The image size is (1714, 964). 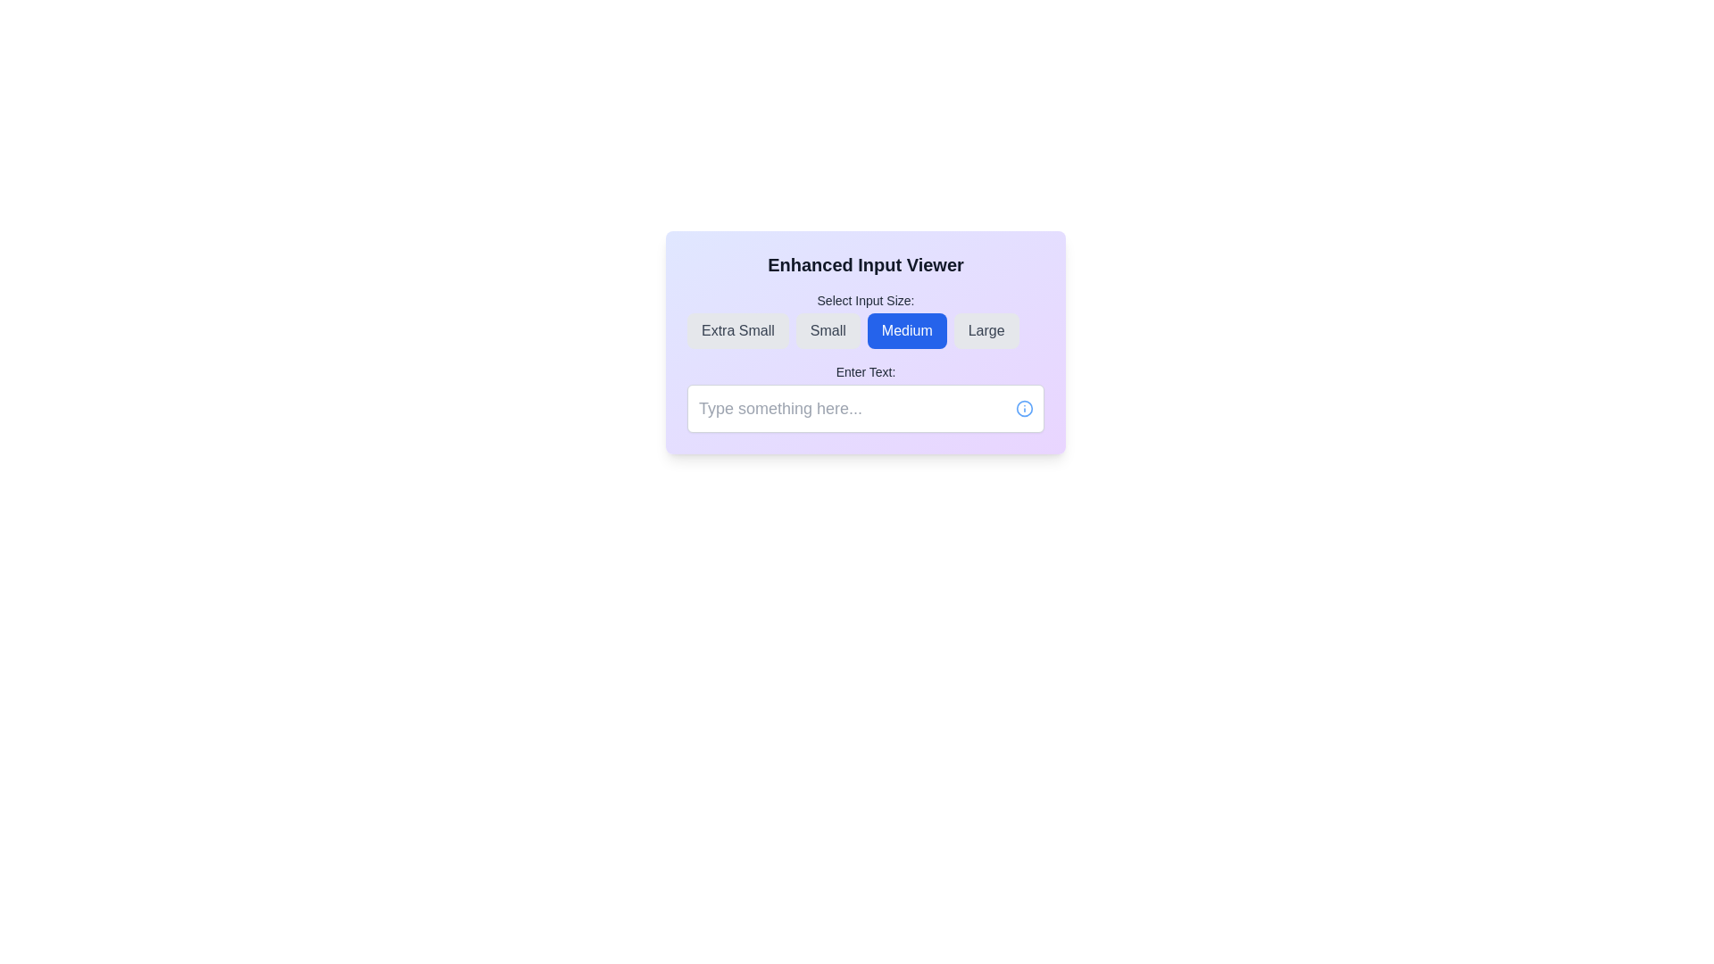 What do you see at coordinates (1024, 409) in the screenshot?
I see `the circular part of the info icon located at the far right of the text input field` at bounding box center [1024, 409].